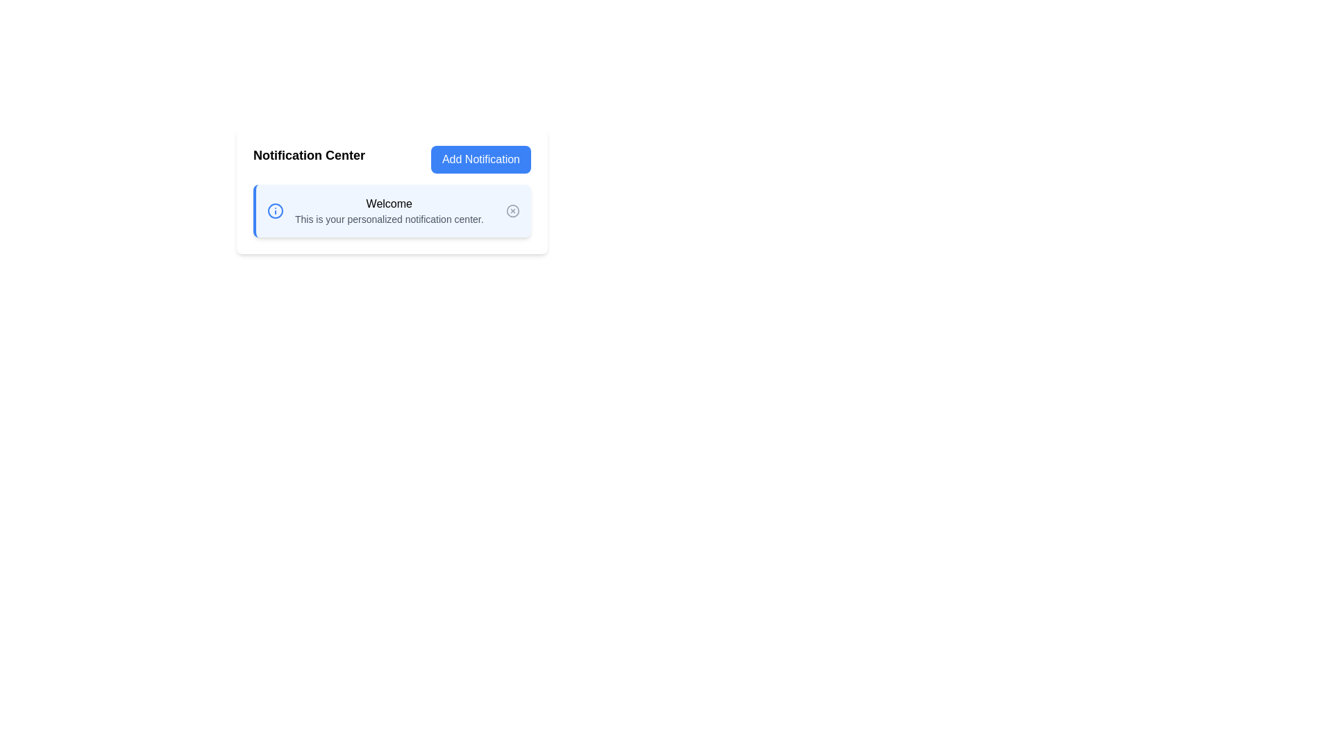 The width and height of the screenshot is (1333, 750). What do you see at coordinates (389, 211) in the screenshot?
I see `the informational header text block in the notification card that contains a welcoming message and description, which is located at the center of the card with a blue background` at bounding box center [389, 211].